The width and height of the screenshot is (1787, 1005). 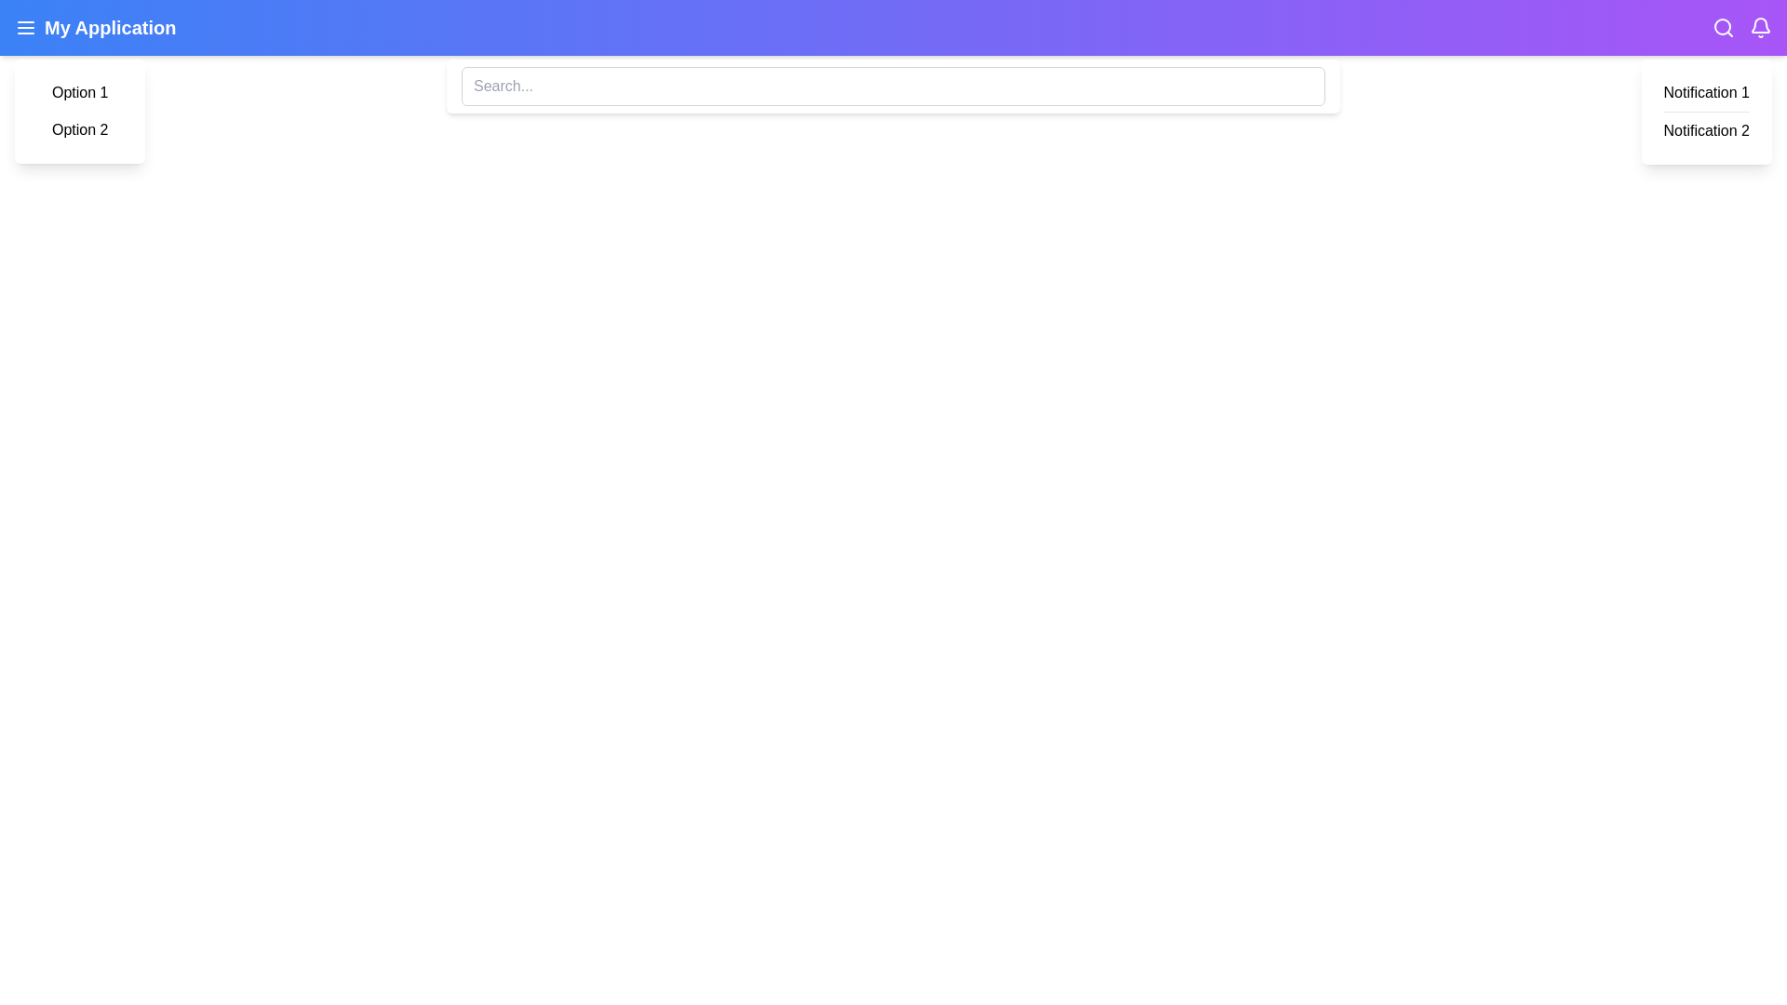 I want to click on the non-interactive text label that displays a notification identifier, located at the top of the vertical stack of labels in the top-right corner of the interface, so click(x=1706, y=93).